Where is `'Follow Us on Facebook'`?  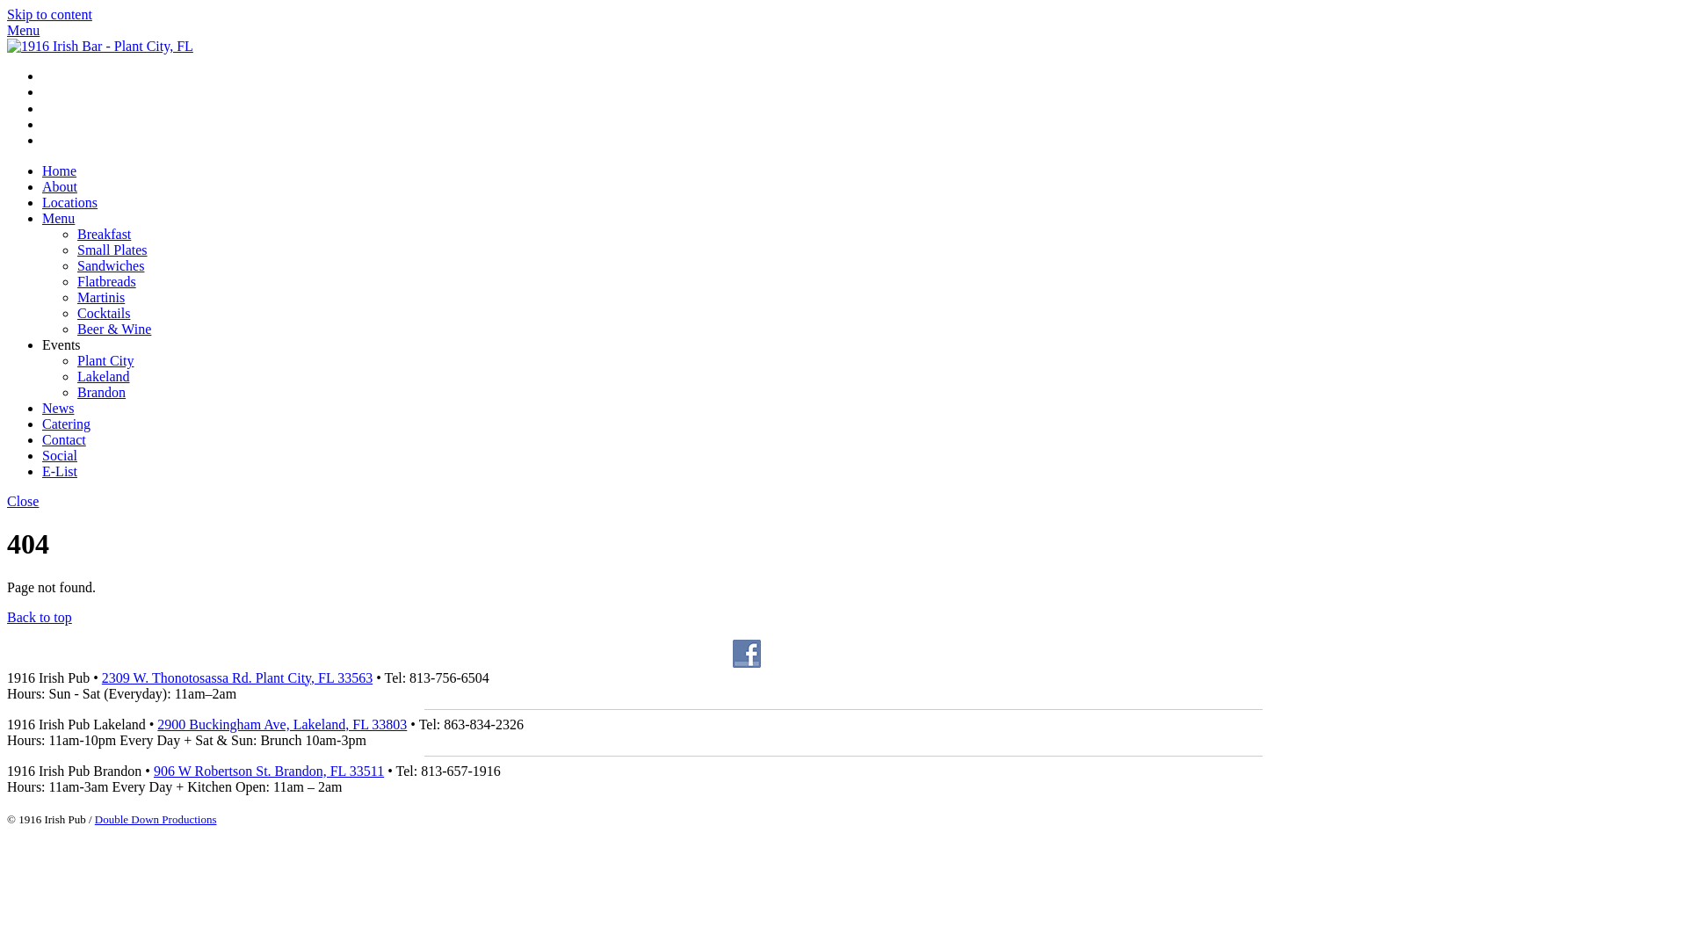
'Follow Us on Facebook' is located at coordinates (733, 654).